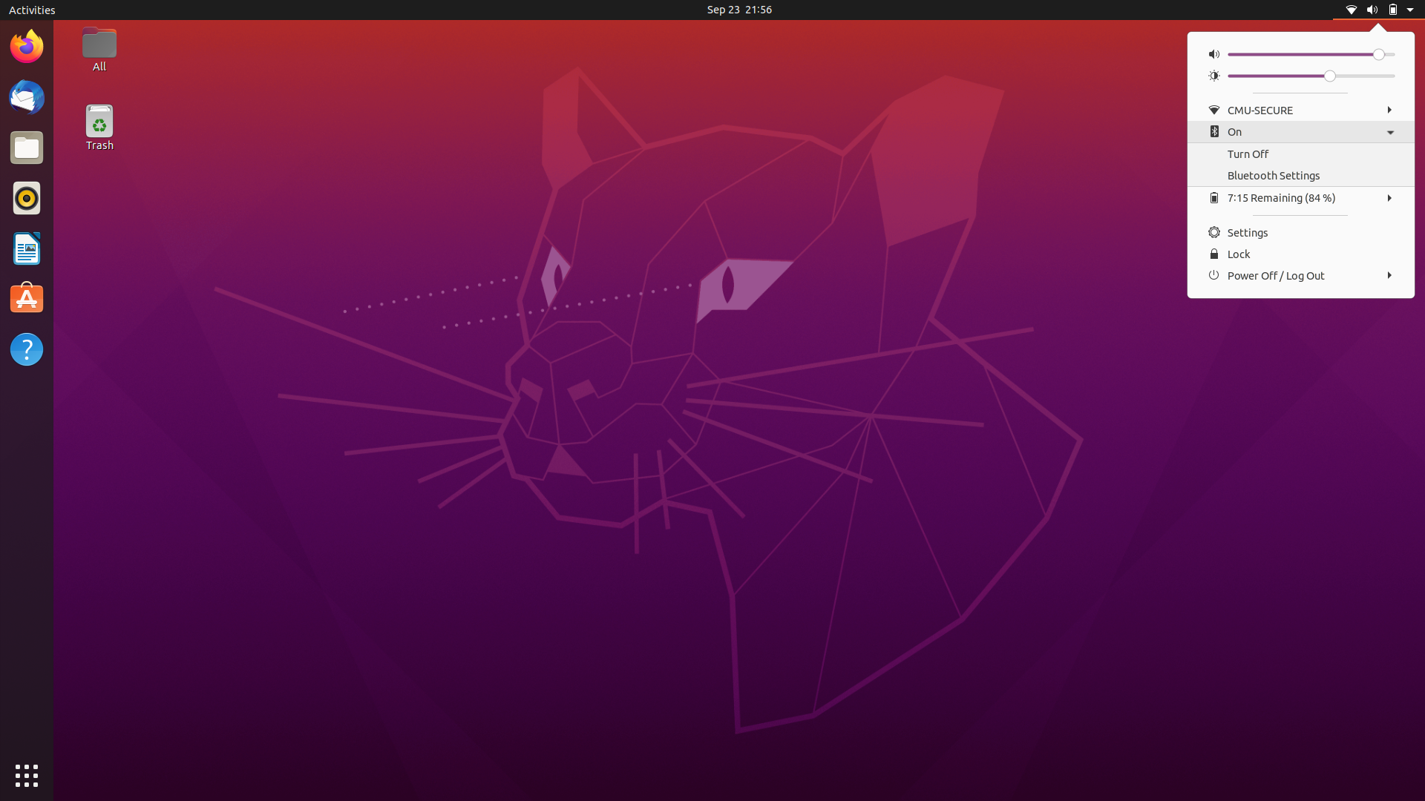  I want to click on the desktop"s context menu with a right click, so click(2506575, 594742).